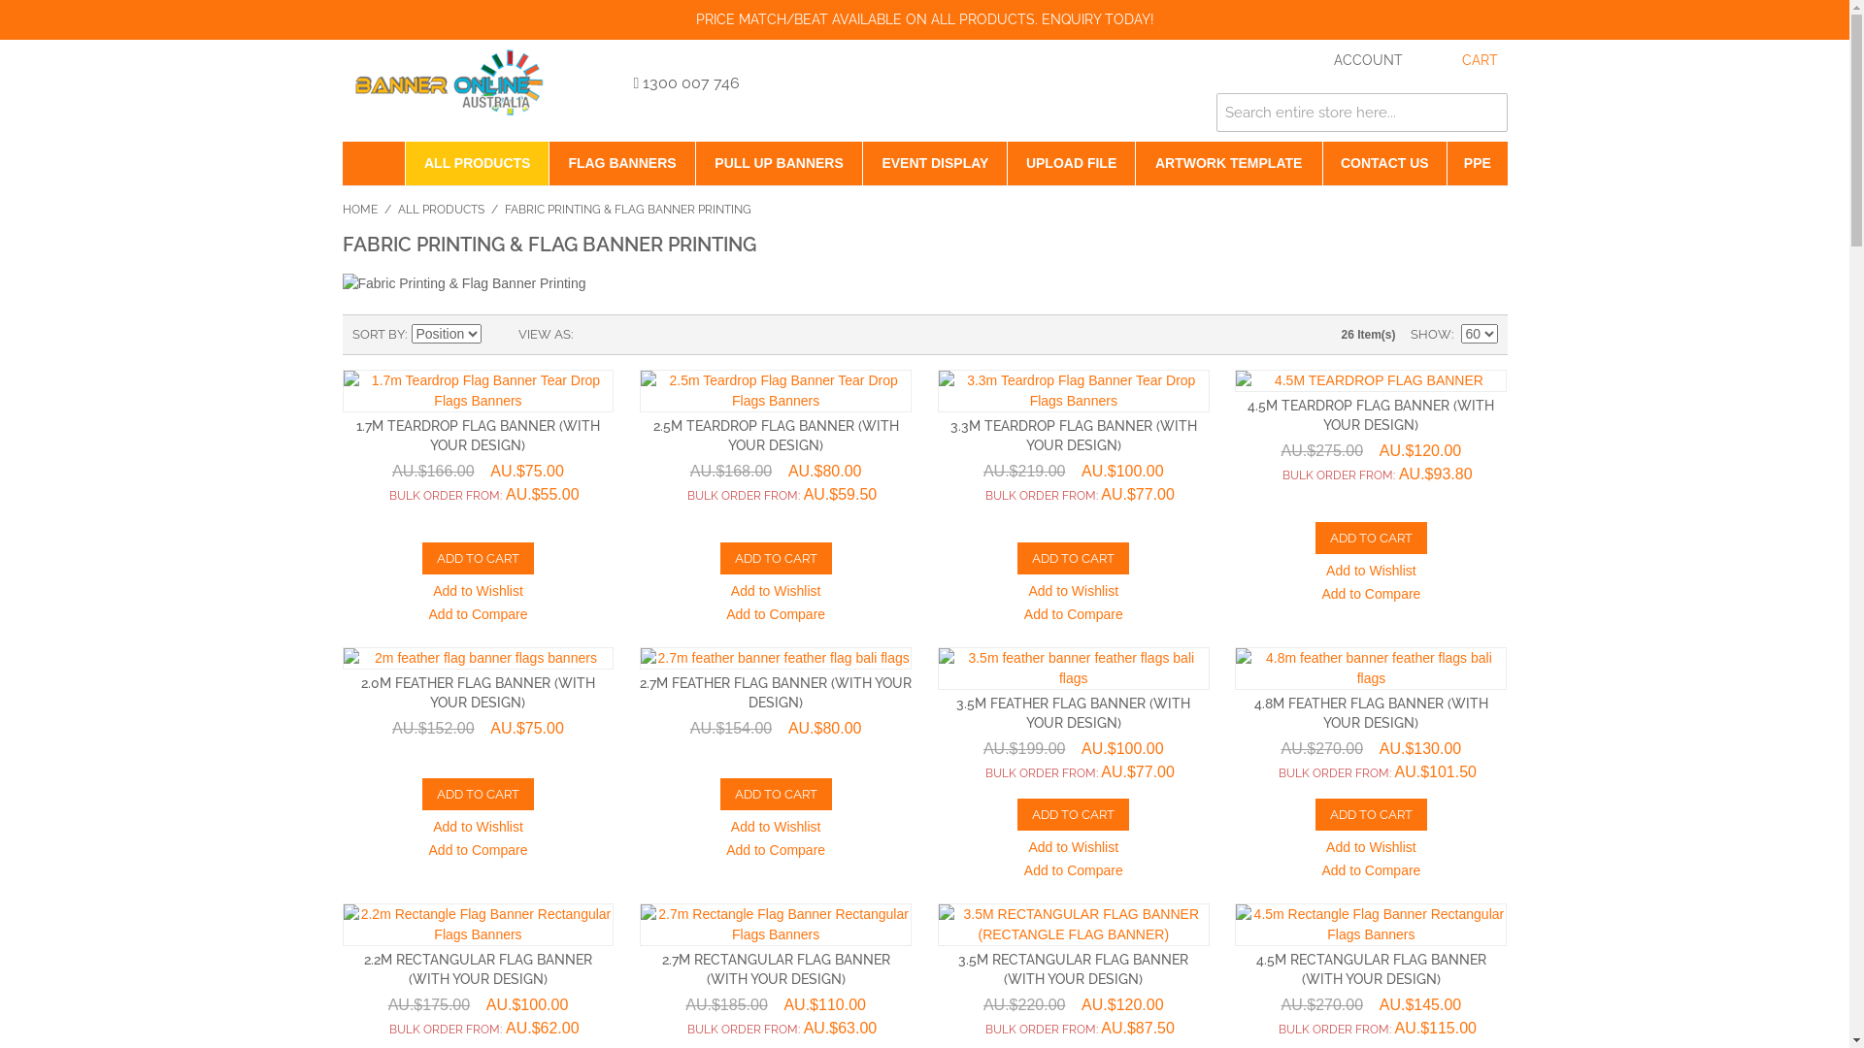  What do you see at coordinates (1072, 493) in the screenshot?
I see `'BULK ORDER FROM: AU.$77.00'` at bounding box center [1072, 493].